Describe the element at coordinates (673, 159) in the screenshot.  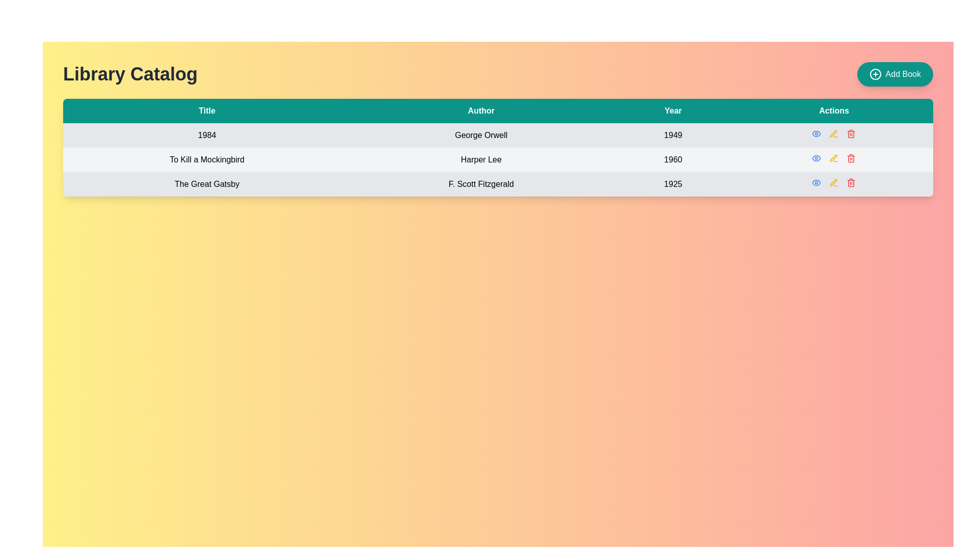
I see `static text label displaying the publication year of the book 'To Kill a Mockingbird', located in the 'Year' column of the second row` at that location.